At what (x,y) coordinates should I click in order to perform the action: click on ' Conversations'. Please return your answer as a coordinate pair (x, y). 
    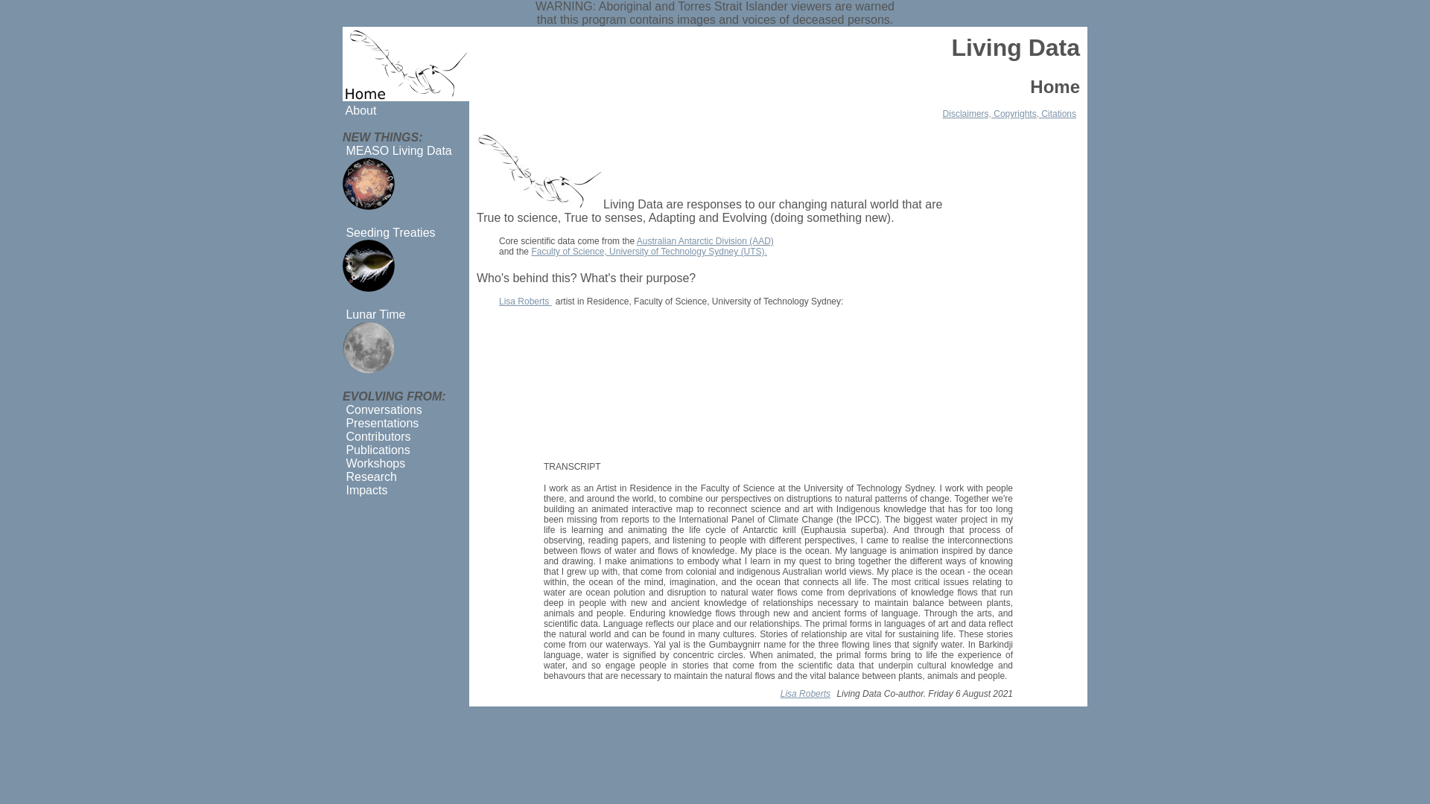
    Looking at the image, I should click on (382, 409).